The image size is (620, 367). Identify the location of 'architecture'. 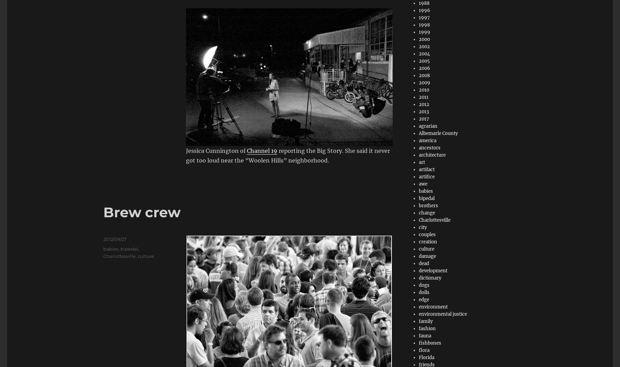
(432, 155).